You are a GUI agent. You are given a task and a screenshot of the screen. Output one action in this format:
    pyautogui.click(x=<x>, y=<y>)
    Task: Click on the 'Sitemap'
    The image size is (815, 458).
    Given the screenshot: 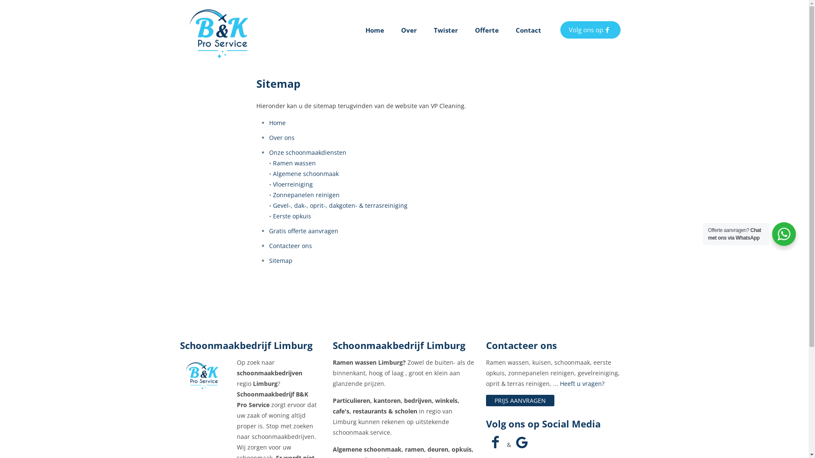 What is the action you would take?
    pyautogui.click(x=281, y=260)
    